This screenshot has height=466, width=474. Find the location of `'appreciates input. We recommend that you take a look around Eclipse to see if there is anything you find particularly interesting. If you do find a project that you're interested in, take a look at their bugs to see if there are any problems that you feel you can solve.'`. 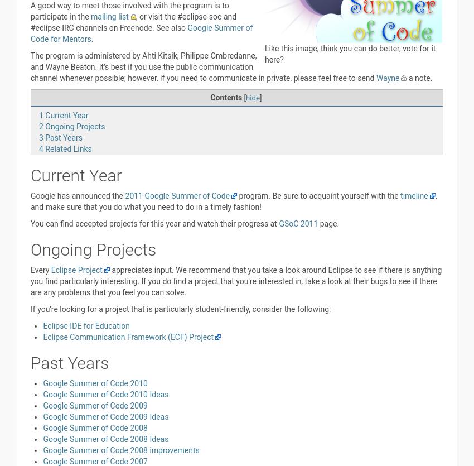

'appreciates input. We recommend that you take a look around Eclipse to see if there is anything you find particularly interesting. If you do find a project that you're interested in, take a look at their bugs to see if there are any problems that you feel you can solve.' is located at coordinates (30, 281).